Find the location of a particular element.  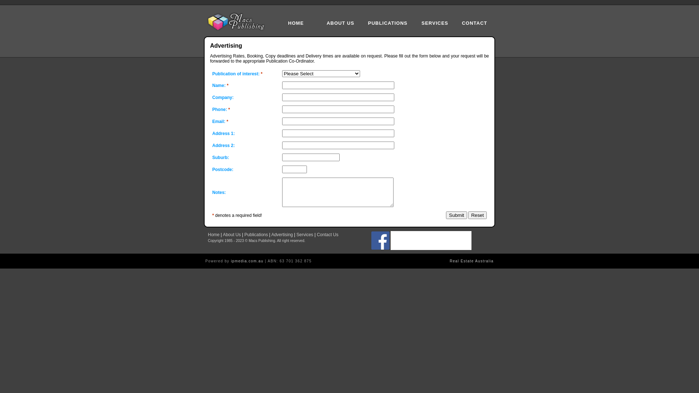

'About Us' is located at coordinates (222, 234).